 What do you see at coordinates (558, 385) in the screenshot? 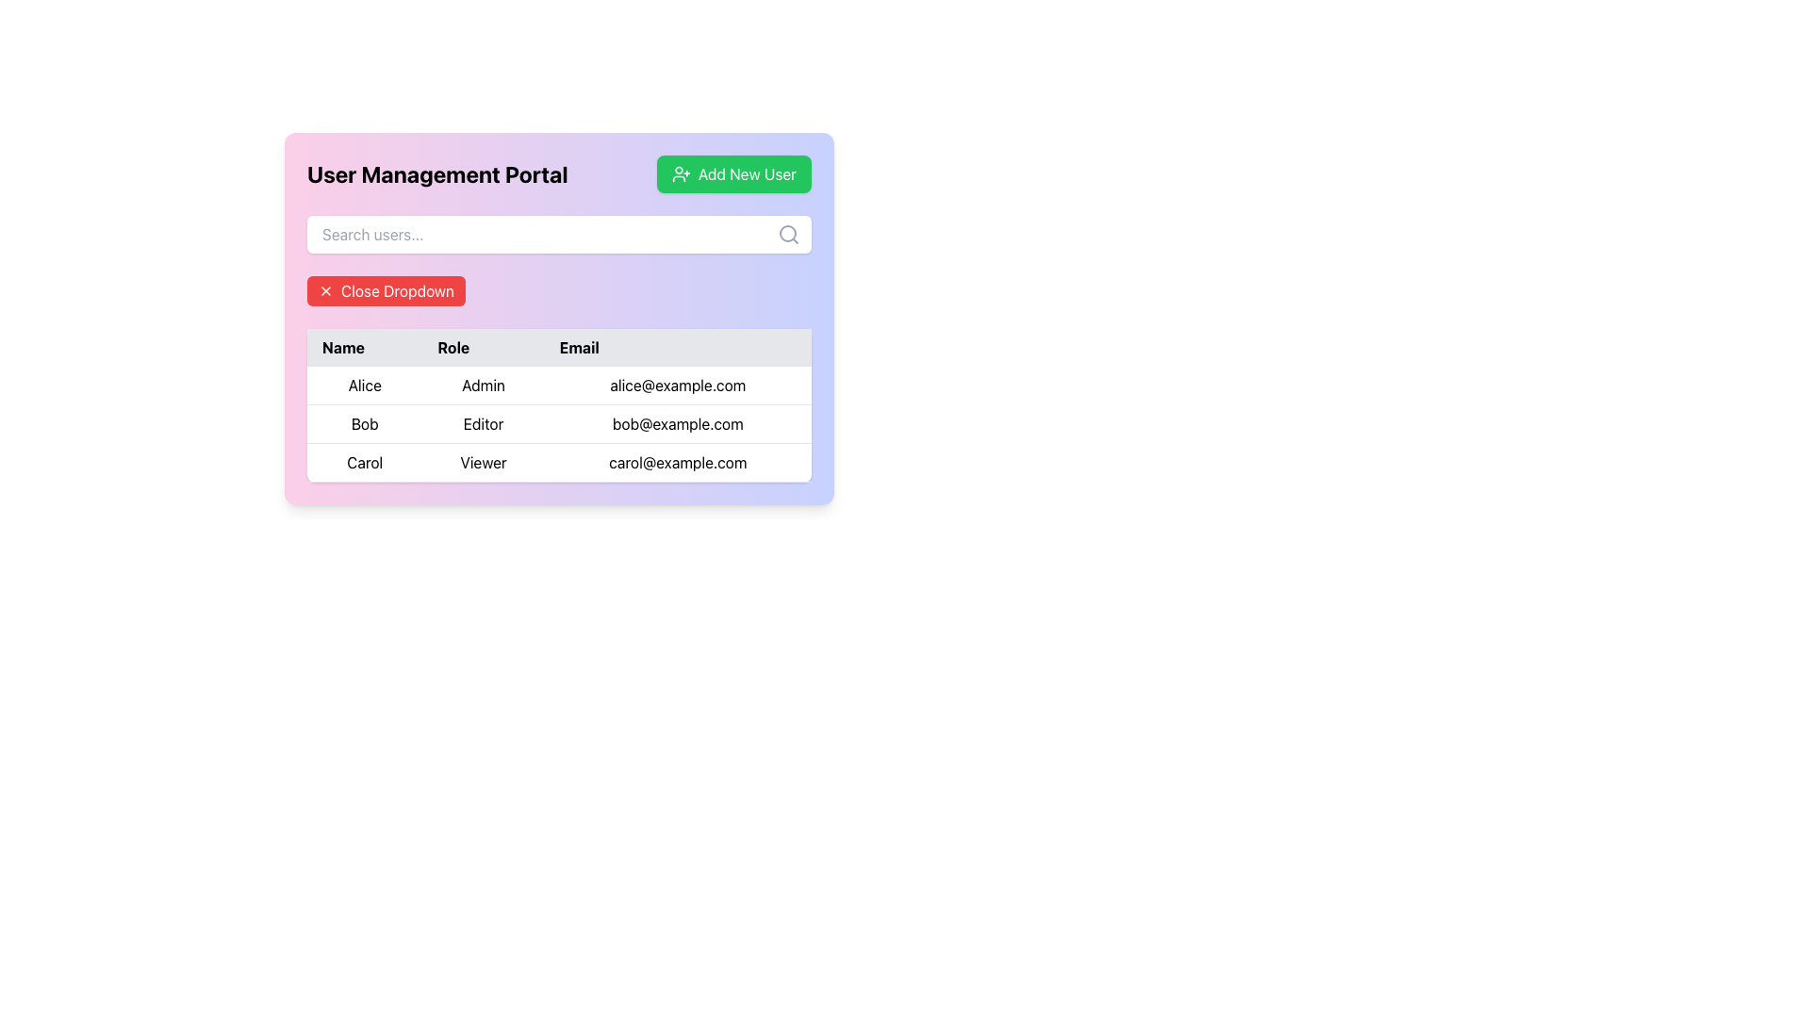
I see `the first row of the table containing 'Alice', 'Admin', and 'alice@example.com'` at bounding box center [558, 385].